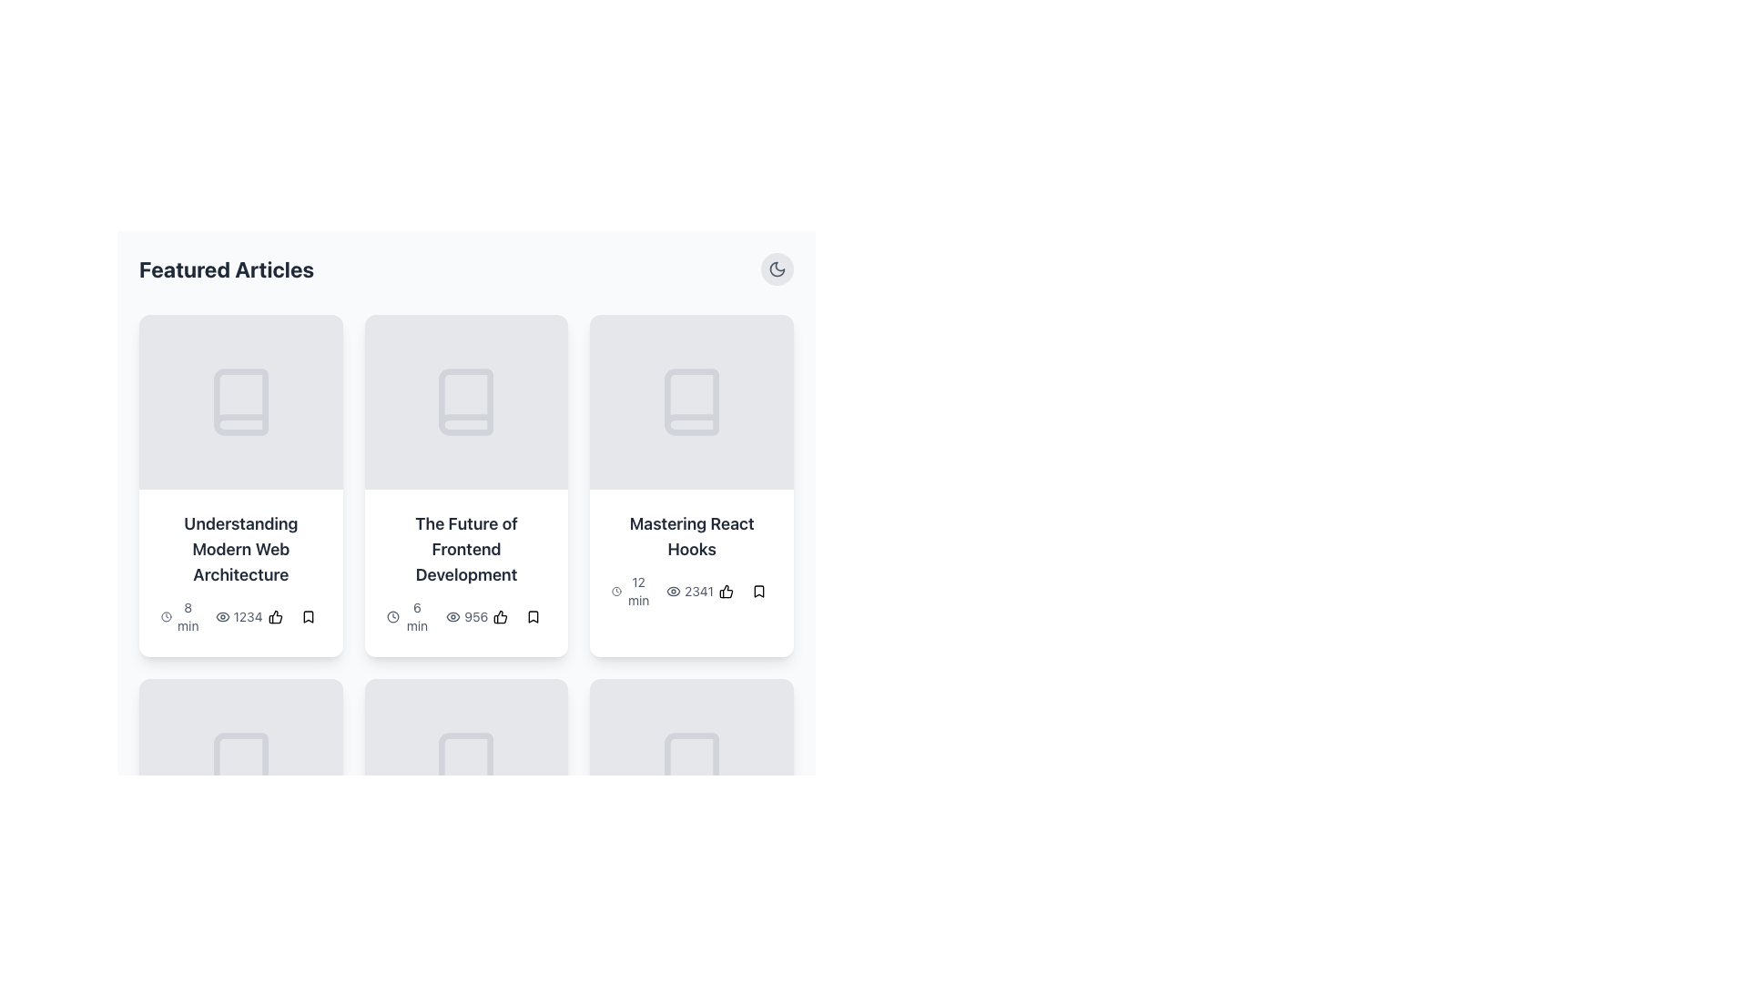 This screenshot has width=1748, height=983. Describe the element at coordinates (238, 616) in the screenshot. I see `the text element displaying the numeric value '1234' with an eye icon, located in the lower-left corner of the first card in the article previews grid for interactivity` at that location.